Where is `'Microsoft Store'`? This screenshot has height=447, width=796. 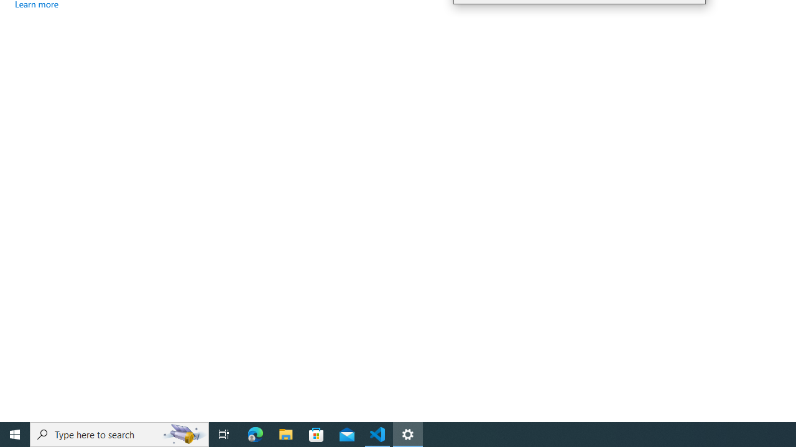 'Microsoft Store' is located at coordinates (317, 433).